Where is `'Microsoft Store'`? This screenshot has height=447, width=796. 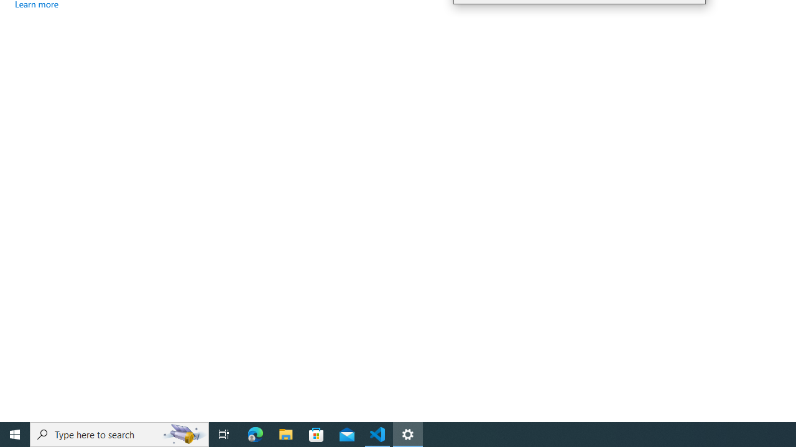 'Microsoft Store' is located at coordinates (317, 433).